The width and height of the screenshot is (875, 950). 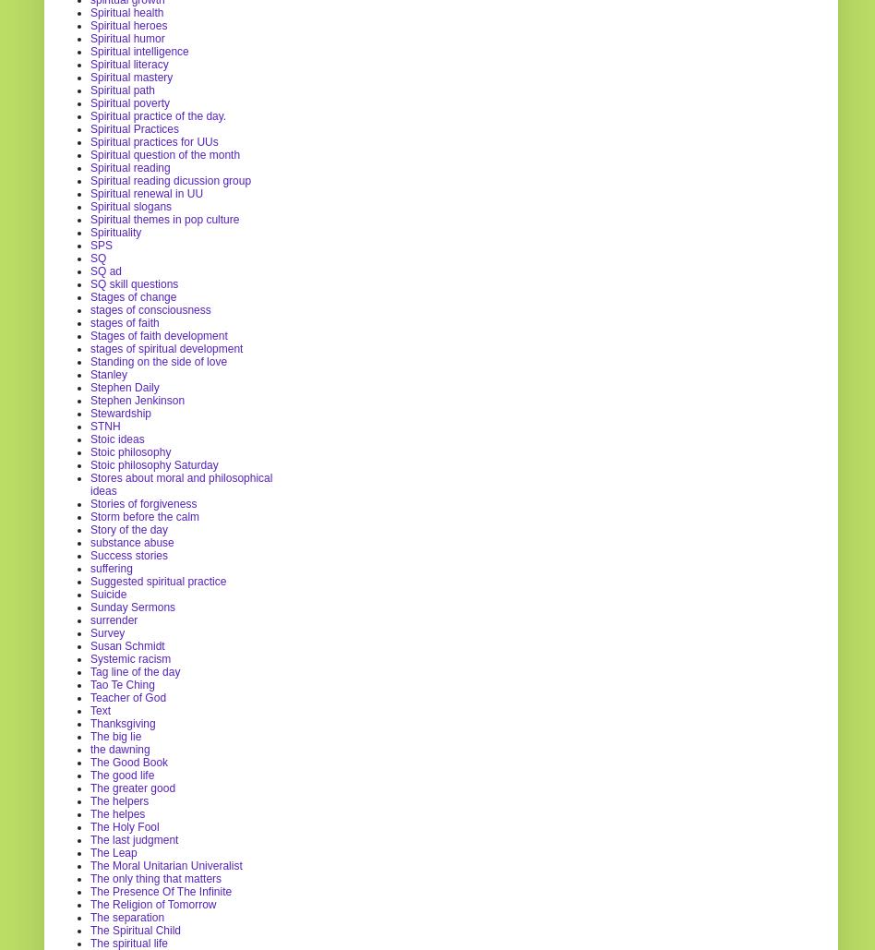 What do you see at coordinates (135, 928) in the screenshot?
I see `'The Spiritual Child'` at bounding box center [135, 928].